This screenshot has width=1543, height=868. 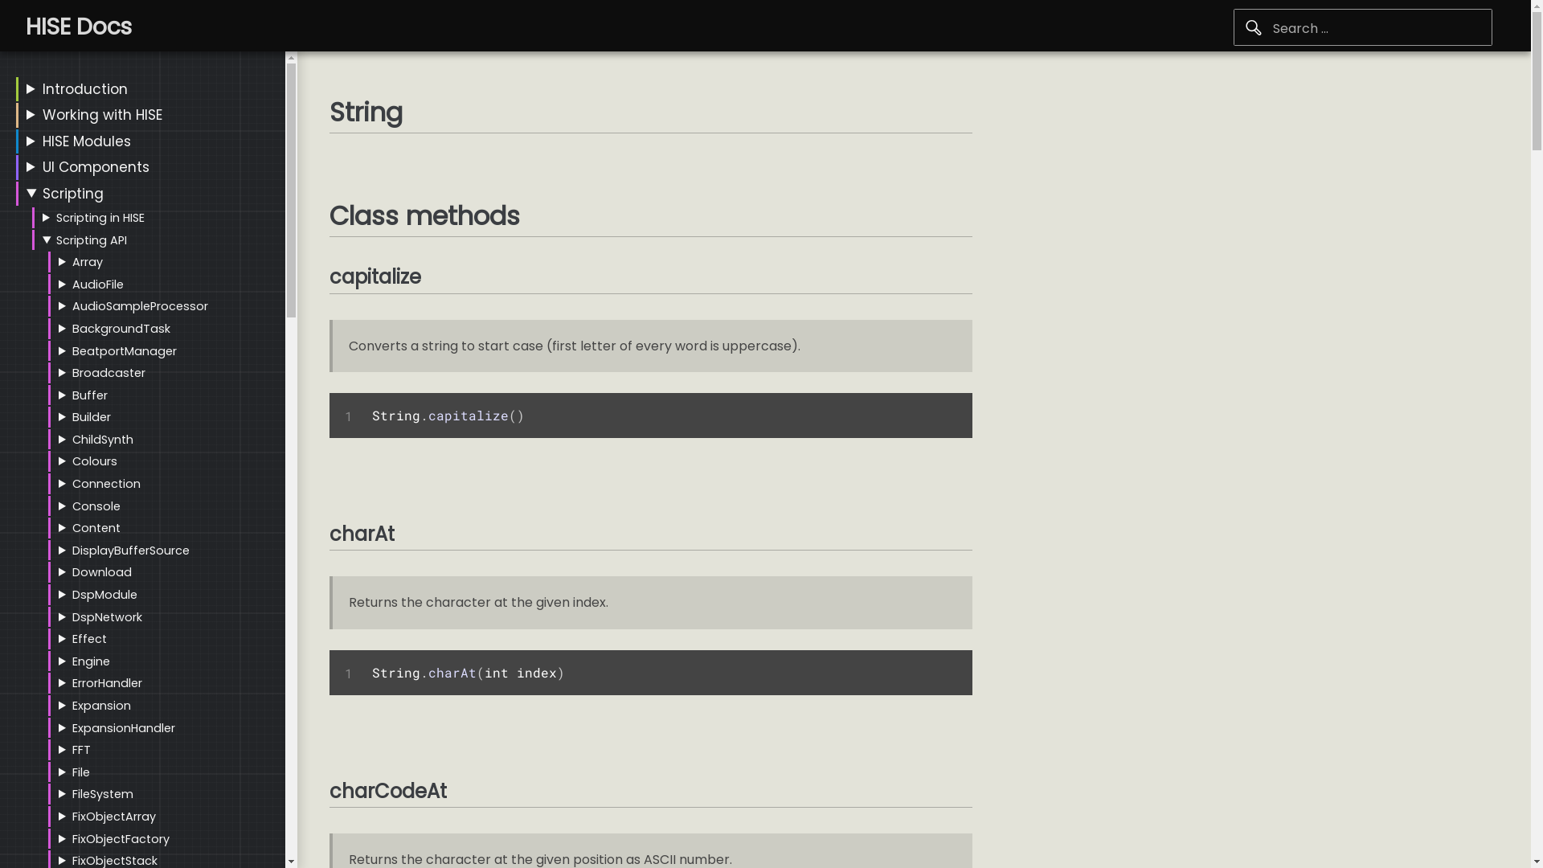 What do you see at coordinates (91, 416) in the screenshot?
I see `'Builder'` at bounding box center [91, 416].